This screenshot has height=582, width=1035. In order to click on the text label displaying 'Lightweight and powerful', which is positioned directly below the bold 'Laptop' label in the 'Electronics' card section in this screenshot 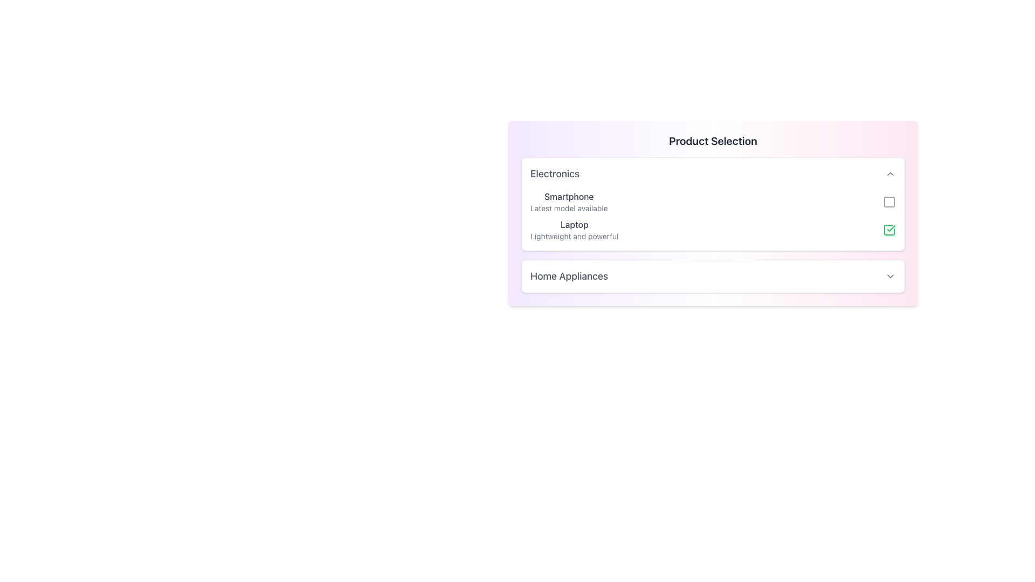, I will do `click(574, 236)`.